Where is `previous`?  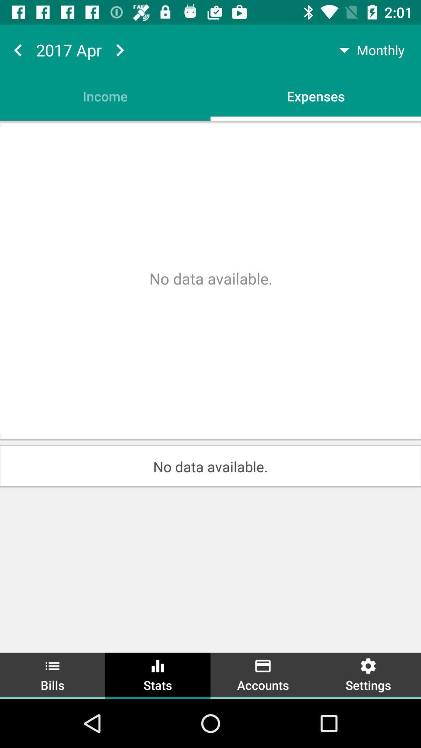
previous is located at coordinates (18, 49).